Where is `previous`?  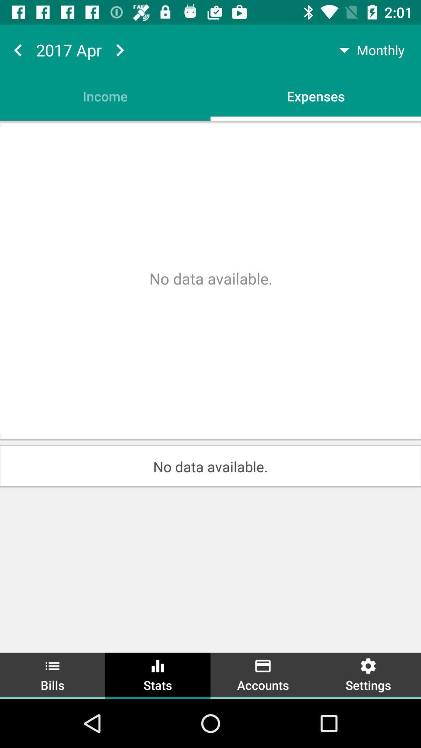
previous is located at coordinates (18, 49).